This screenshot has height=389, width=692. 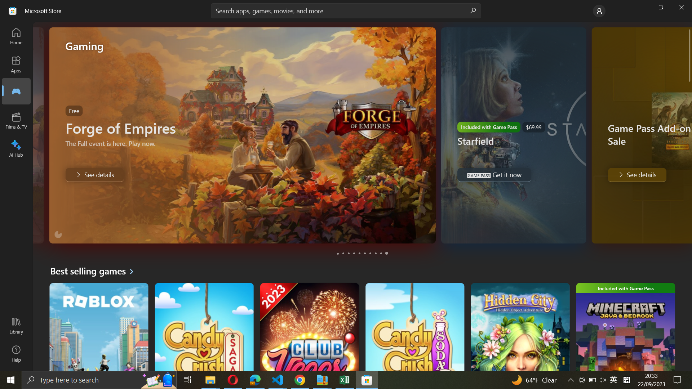 I want to click on the AI Hub tab, so click(x=17, y=147).